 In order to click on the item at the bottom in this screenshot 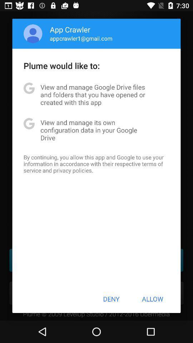, I will do `click(111, 299)`.